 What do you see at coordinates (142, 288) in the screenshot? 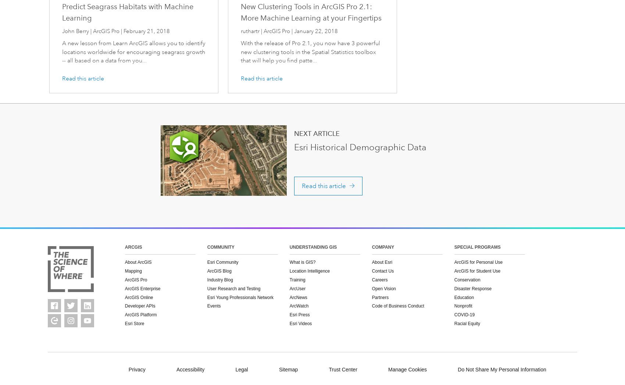
I see `'ArcGIS Enterprise'` at bounding box center [142, 288].